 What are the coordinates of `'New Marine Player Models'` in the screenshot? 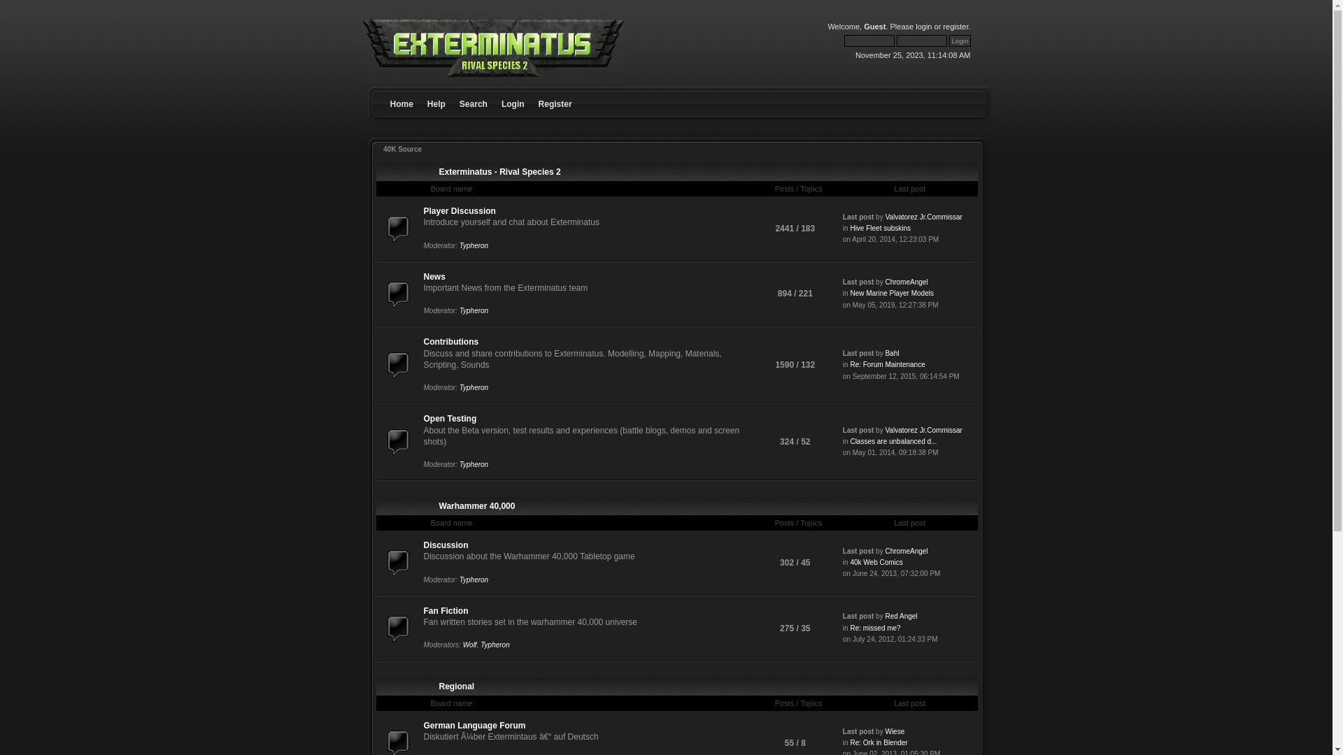 It's located at (848, 292).